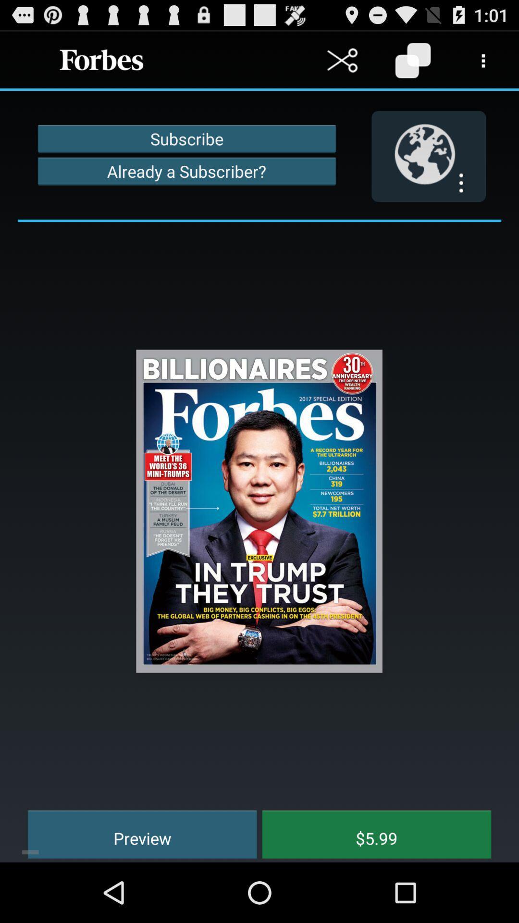 This screenshot has height=923, width=519. I want to click on $5.99 icon, so click(369, 833).